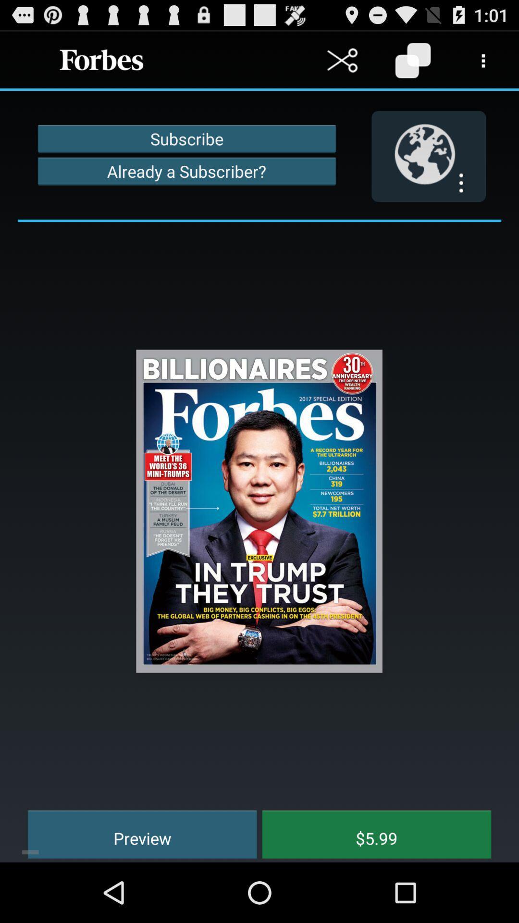 This screenshot has height=923, width=519. I want to click on $5.99 icon, so click(369, 833).